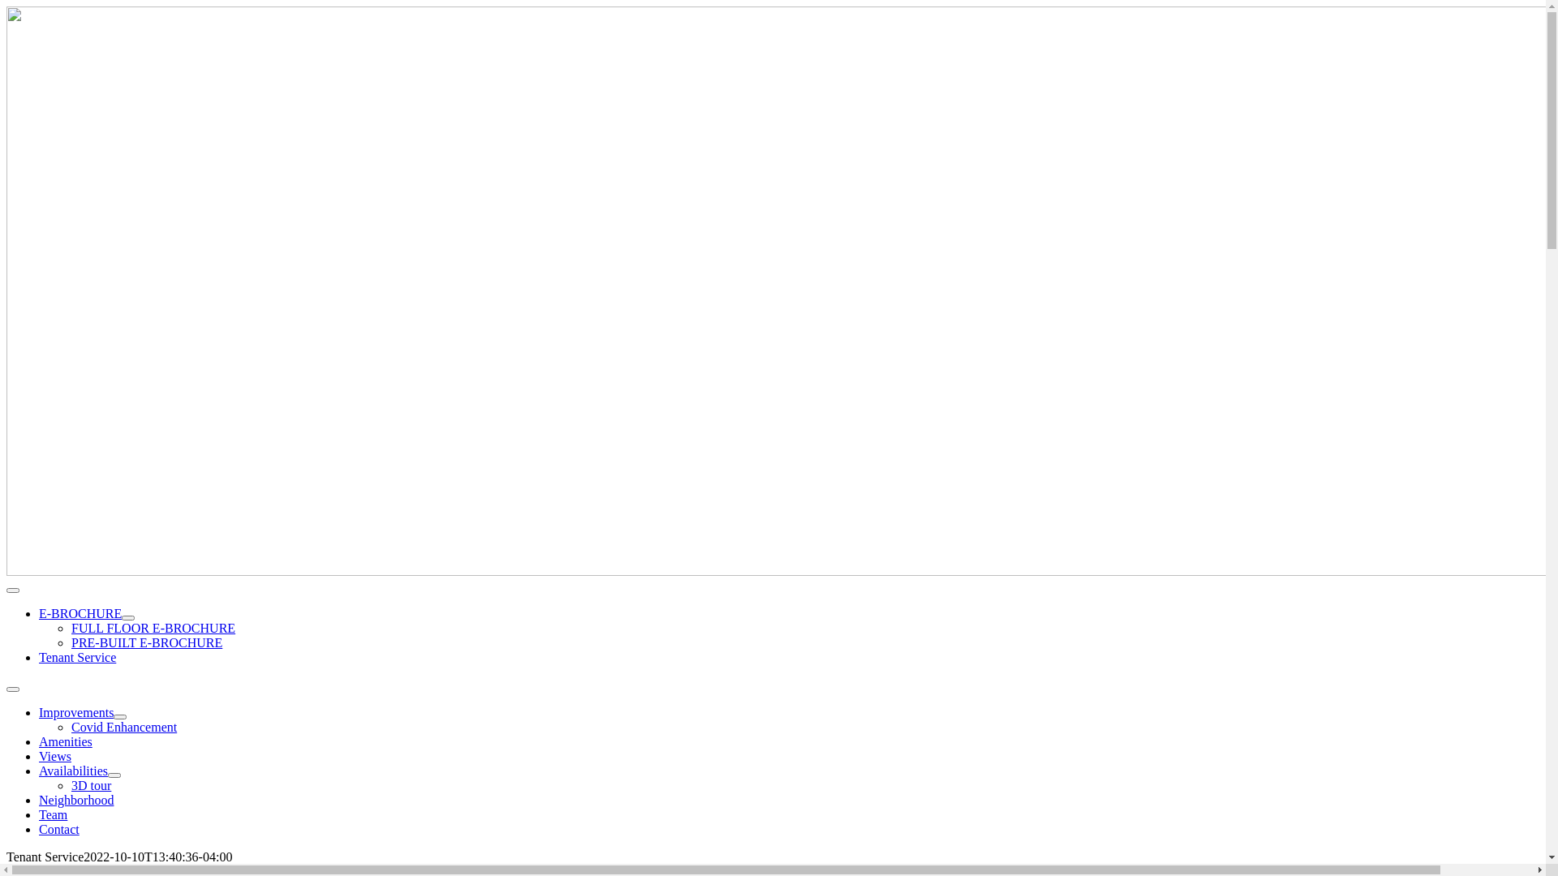  Describe the element at coordinates (65, 741) in the screenshot. I see `'Amenities'` at that location.